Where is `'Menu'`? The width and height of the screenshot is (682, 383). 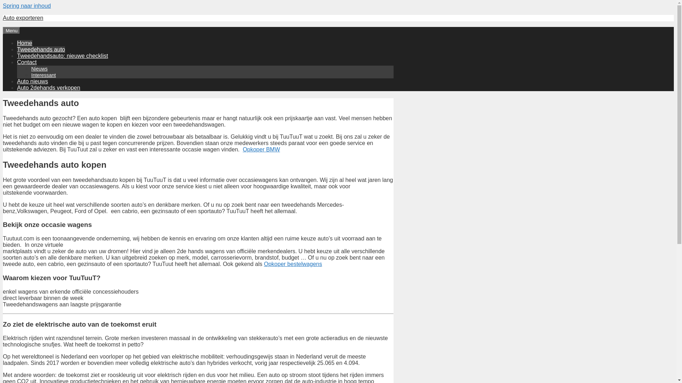 'Menu' is located at coordinates (11, 30).